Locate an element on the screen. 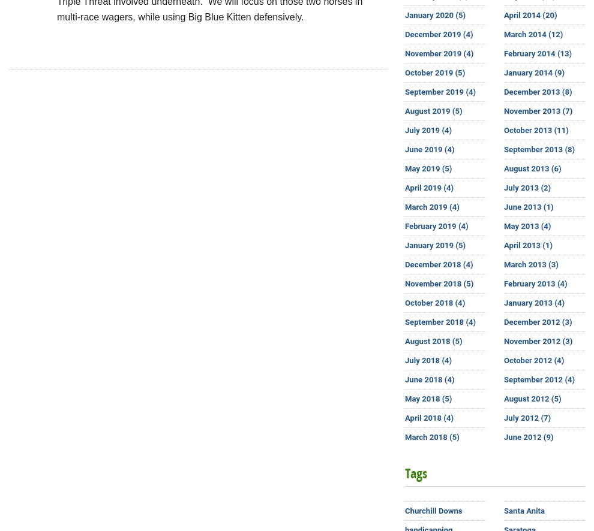 The width and height of the screenshot is (594, 531). 'March 2013 (3)' is located at coordinates (530, 264).